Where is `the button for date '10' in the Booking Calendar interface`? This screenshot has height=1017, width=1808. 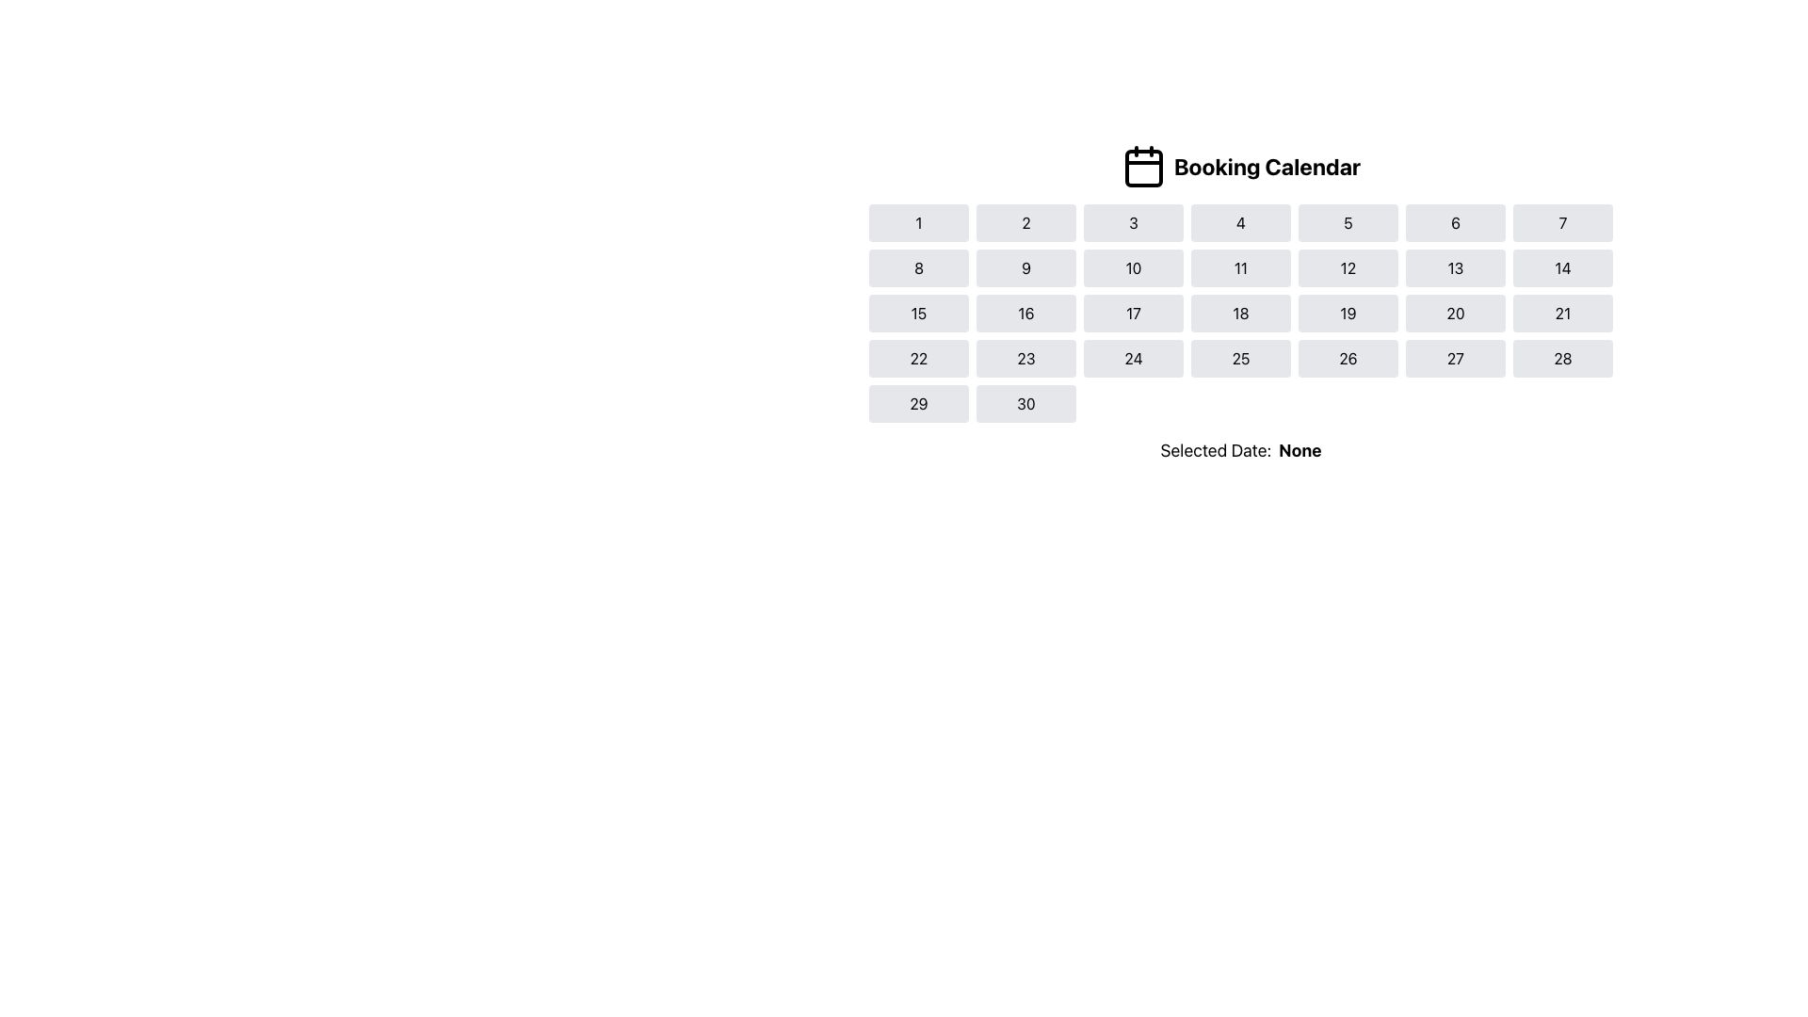
the button for date '10' in the Booking Calendar interface is located at coordinates (1133, 268).